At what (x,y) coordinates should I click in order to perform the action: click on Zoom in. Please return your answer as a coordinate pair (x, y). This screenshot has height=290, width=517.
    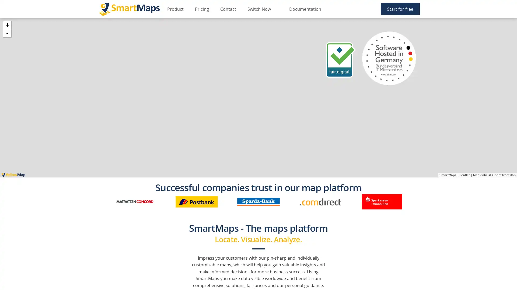
    Looking at the image, I should click on (7, 25).